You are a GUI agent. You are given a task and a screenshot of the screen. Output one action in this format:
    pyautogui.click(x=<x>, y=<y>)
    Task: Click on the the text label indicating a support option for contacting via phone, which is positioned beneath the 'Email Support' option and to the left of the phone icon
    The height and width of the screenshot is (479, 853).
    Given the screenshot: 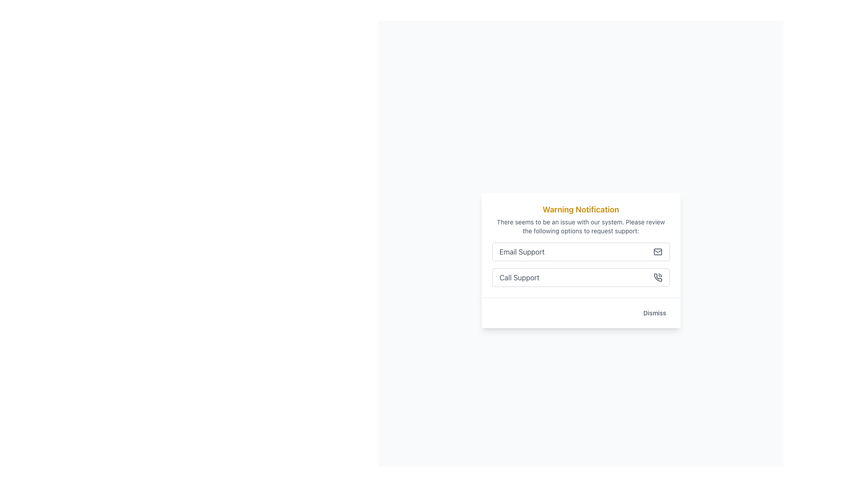 What is the action you would take?
    pyautogui.click(x=519, y=277)
    